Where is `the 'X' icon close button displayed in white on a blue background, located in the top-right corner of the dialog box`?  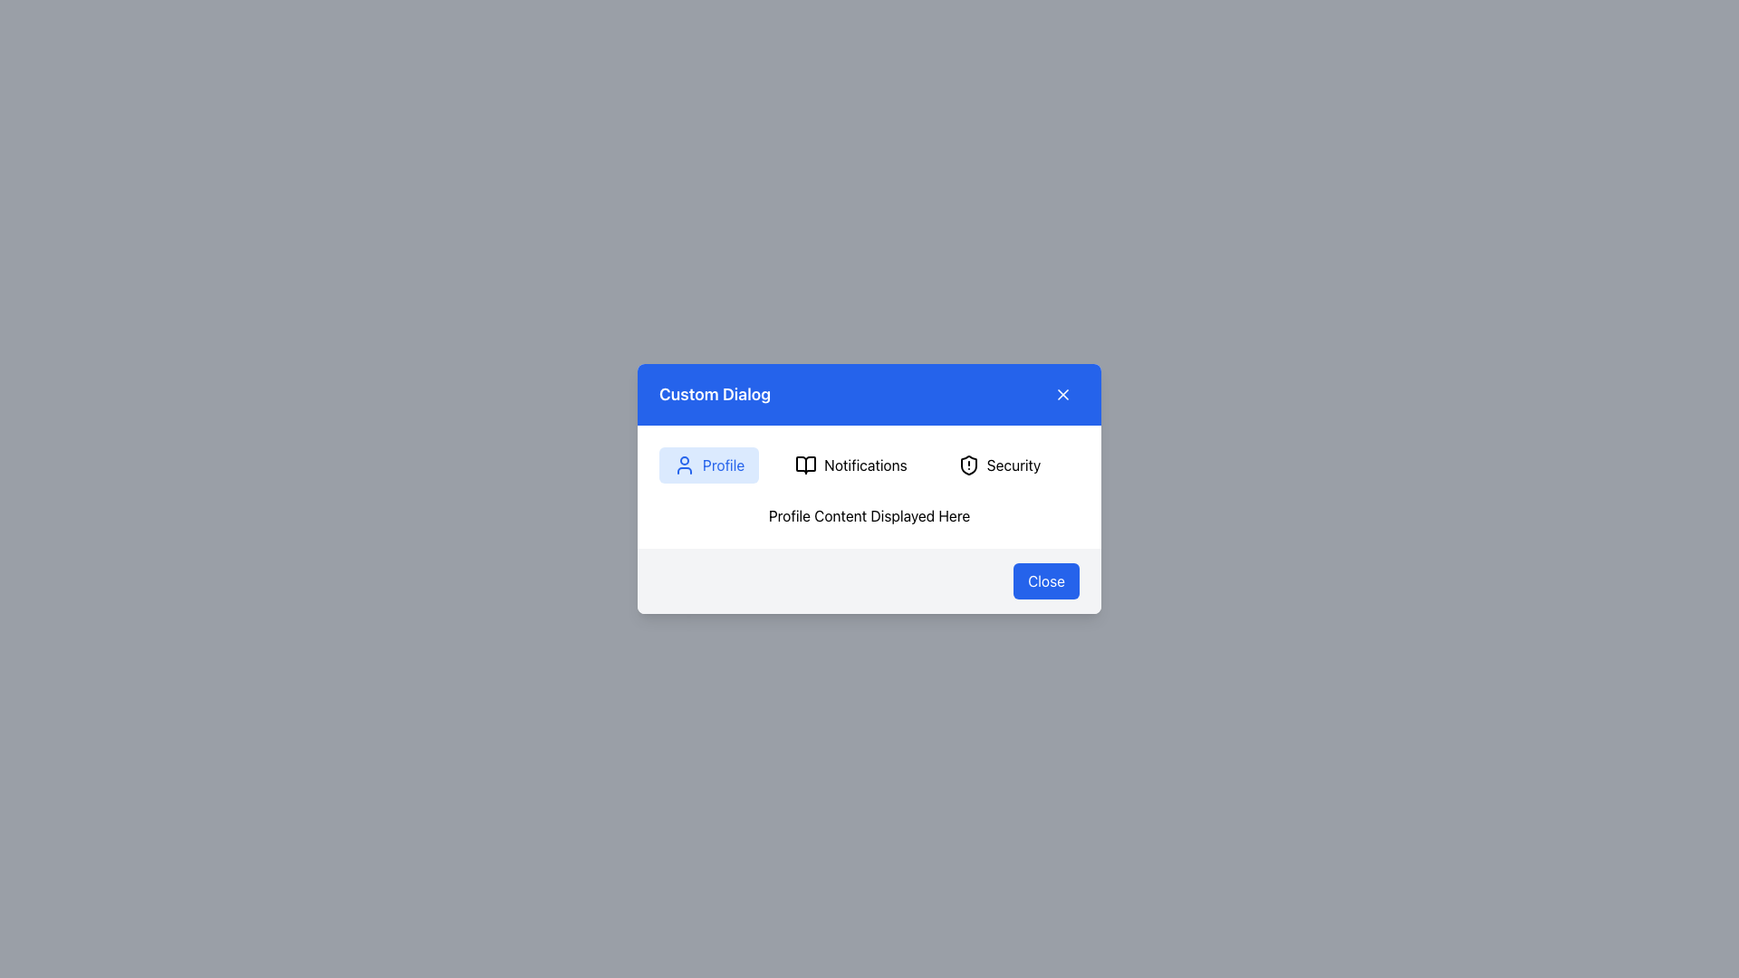
the 'X' icon close button displayed in white on a blue background, located in the top-right corner of the dialog box is located at coordinates (1063, 393).